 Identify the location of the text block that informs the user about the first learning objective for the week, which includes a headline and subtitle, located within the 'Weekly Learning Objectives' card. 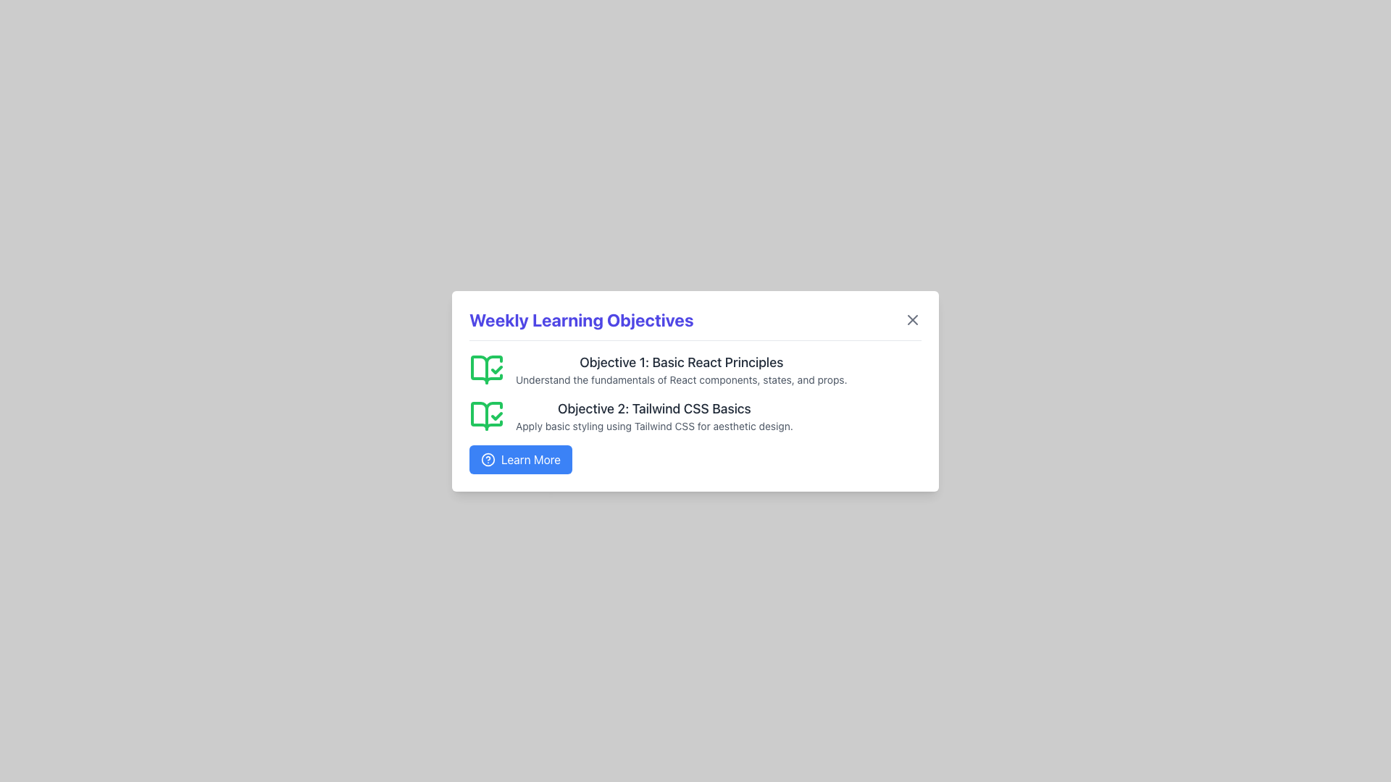
(680, 369).